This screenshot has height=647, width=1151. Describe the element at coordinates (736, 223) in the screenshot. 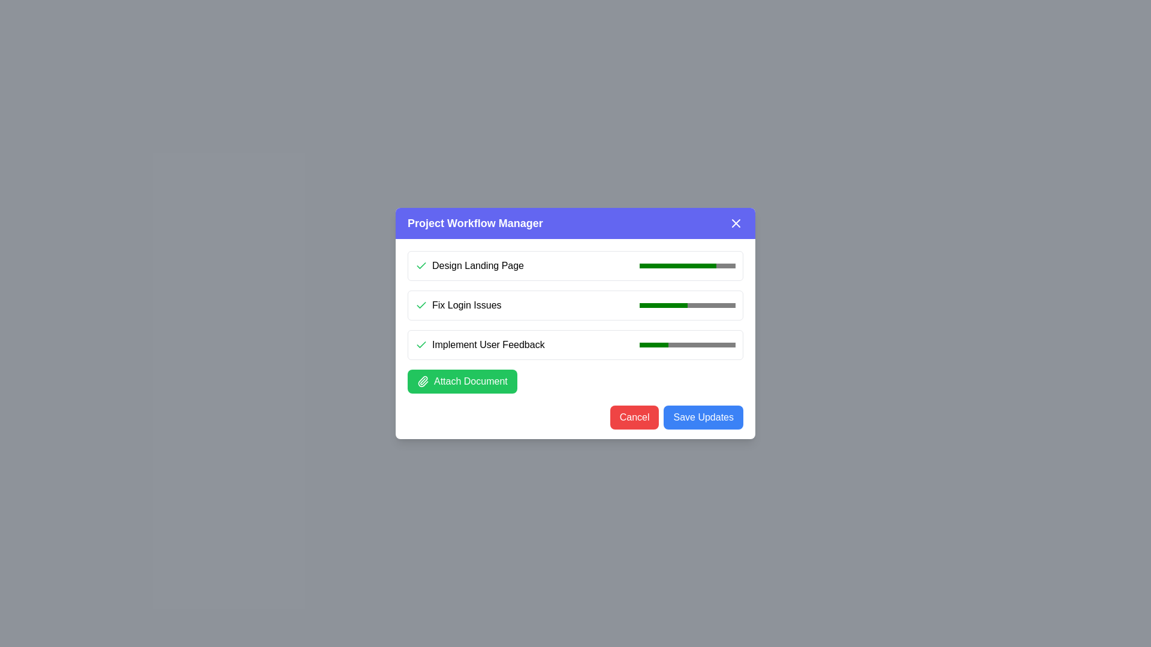

I see `the close button represented by an 'X' icon, which is styled with a white outline against a purple background, located in the top right corner of the modal header` at that location.